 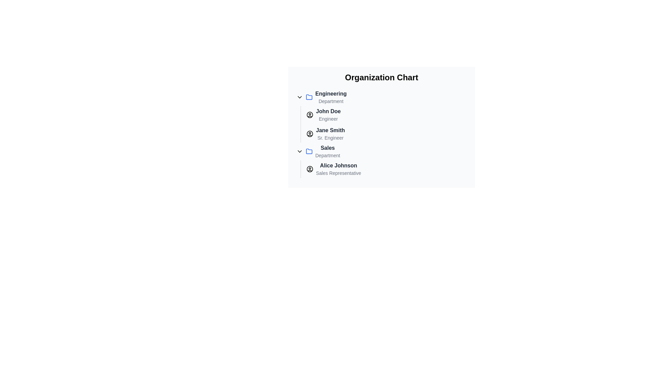 I want to click on the outer circular border of the user profile icon, which has a black stroke and a white background, located to the left of the 'Alice Johnson' text label in the 'Sales' section of the organization chart, so click(x=309, y=168).